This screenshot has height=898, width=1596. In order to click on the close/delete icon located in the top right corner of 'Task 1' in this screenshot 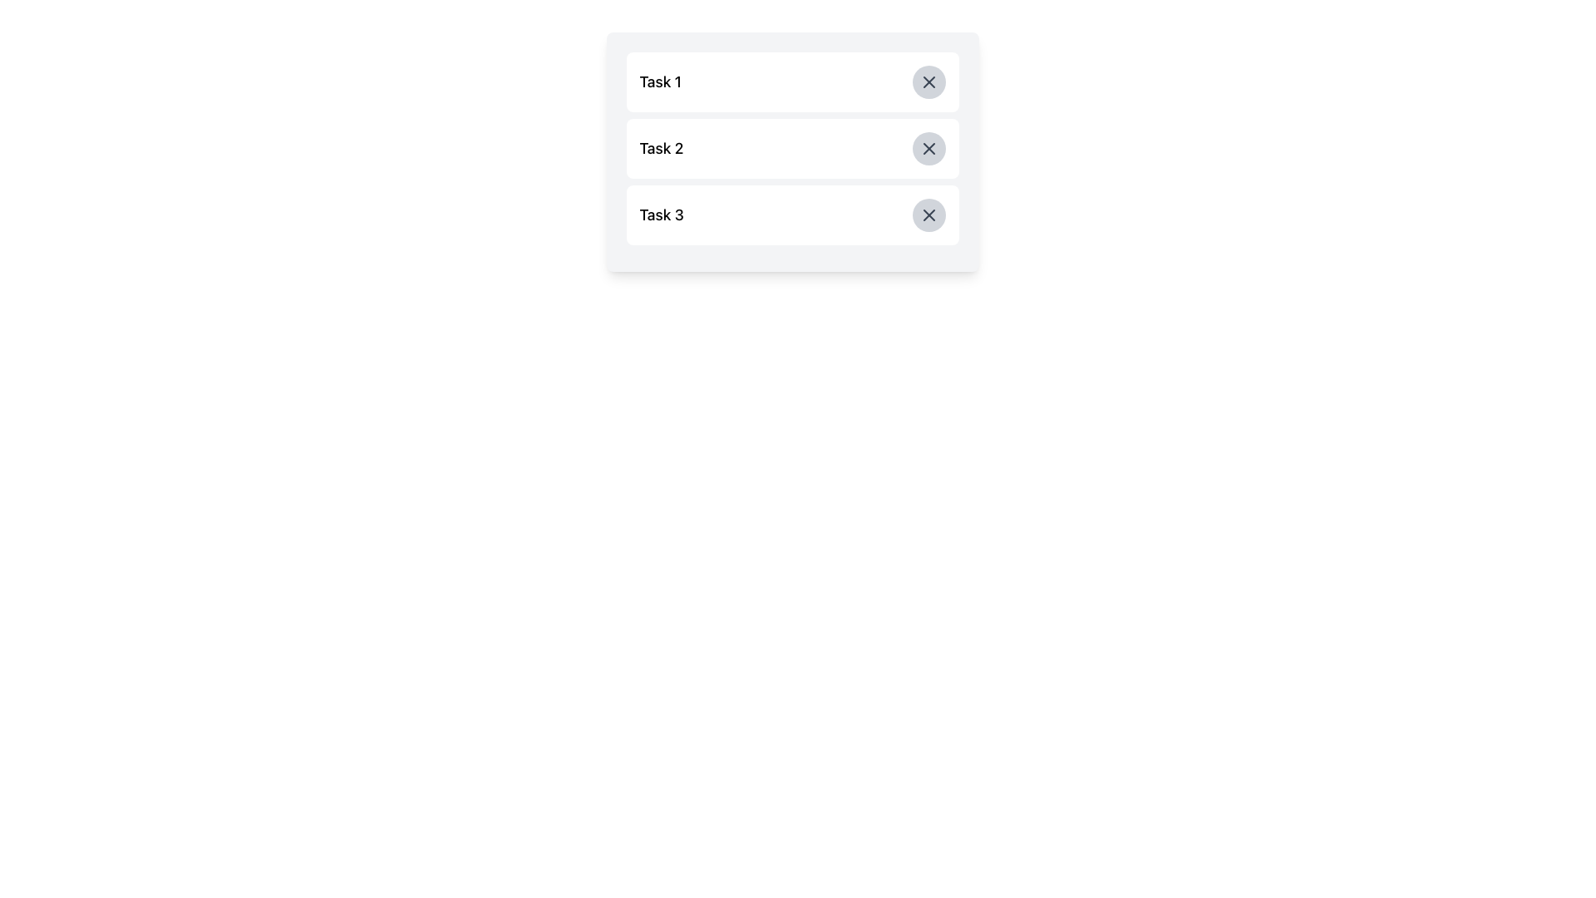, I will do `click(928, 82)`.